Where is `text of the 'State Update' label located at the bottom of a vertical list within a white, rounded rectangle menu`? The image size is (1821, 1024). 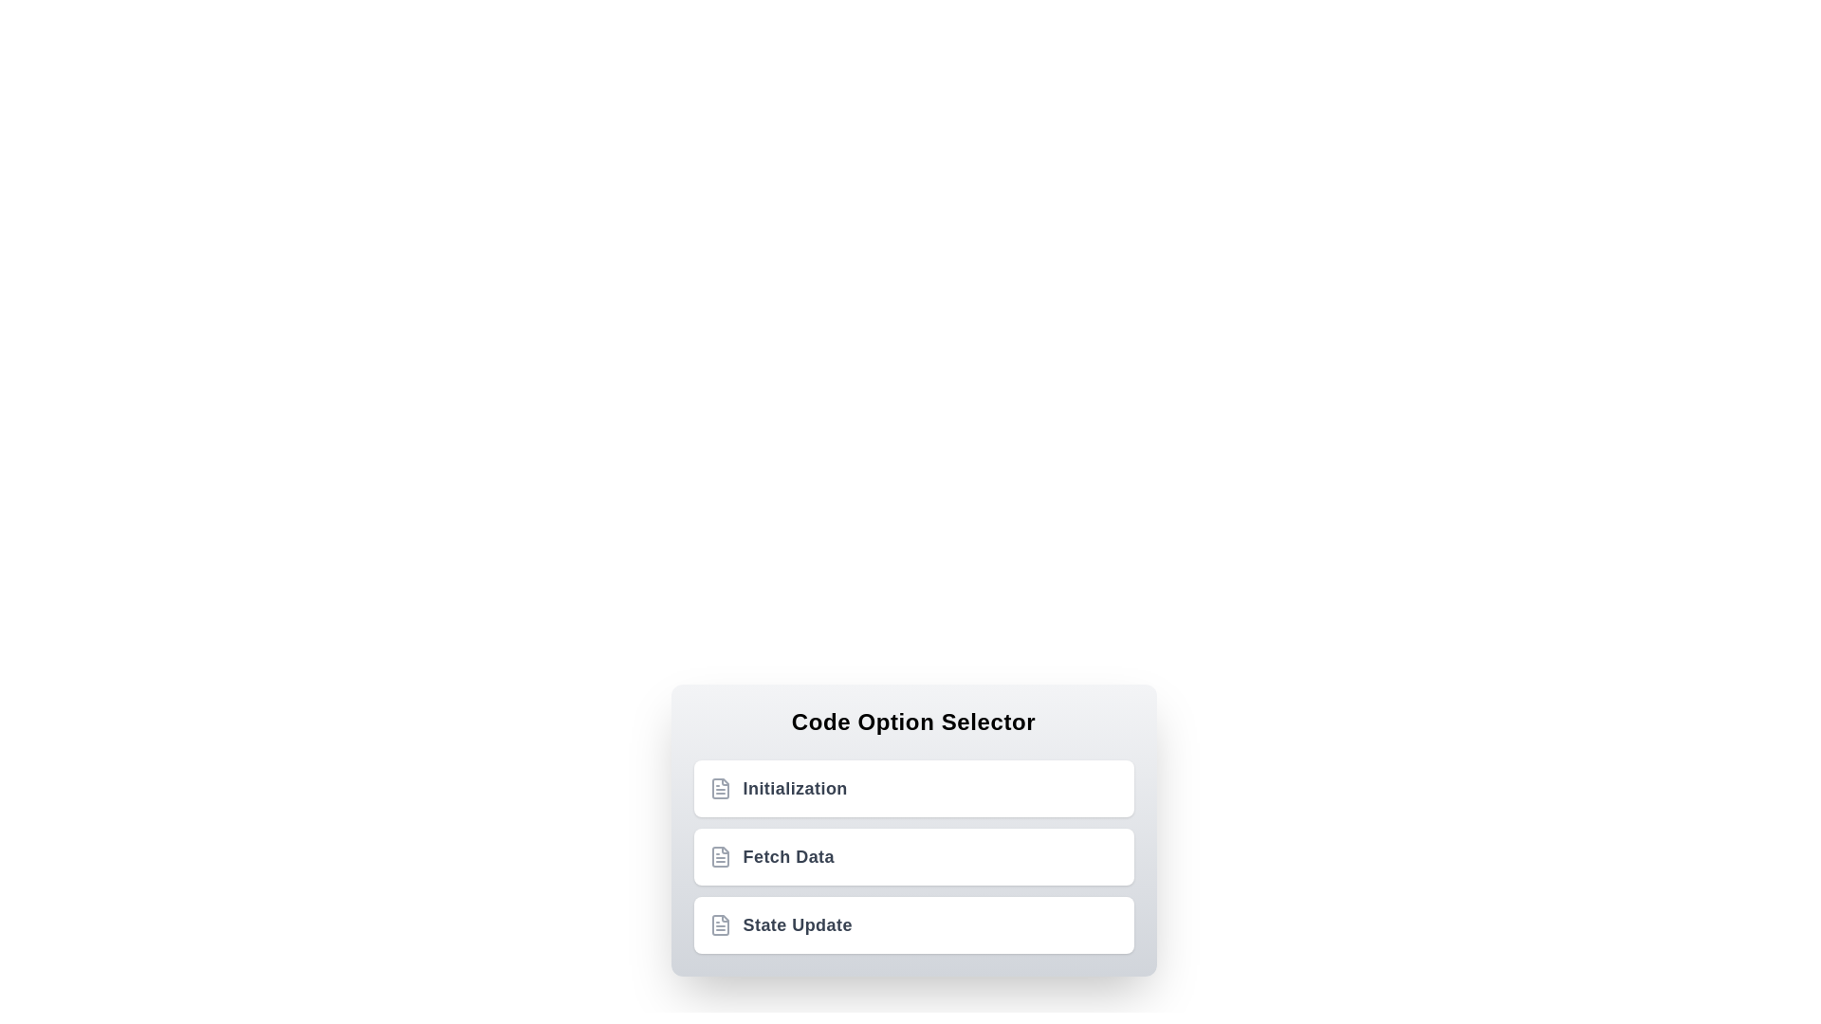 text of the 'State Update' label located at the bottom of a vertical list within a white, rounded rectangle menu is located at coordinates (798, 923).